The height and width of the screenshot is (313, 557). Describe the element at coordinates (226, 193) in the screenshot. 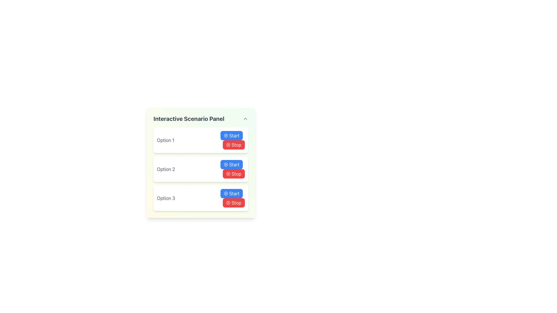

I see `the Circular Icon Component that indicates the play function for the 'Start' button adjacent to 'Option 3' in the control panel` at that location.